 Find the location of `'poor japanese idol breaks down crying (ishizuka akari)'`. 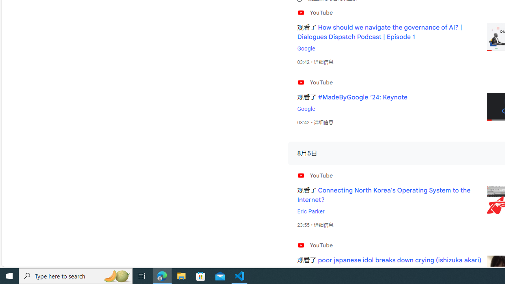

'poor japanese idol breaks down crying (ishizuka akari)' is located at coordinates (400, 260).